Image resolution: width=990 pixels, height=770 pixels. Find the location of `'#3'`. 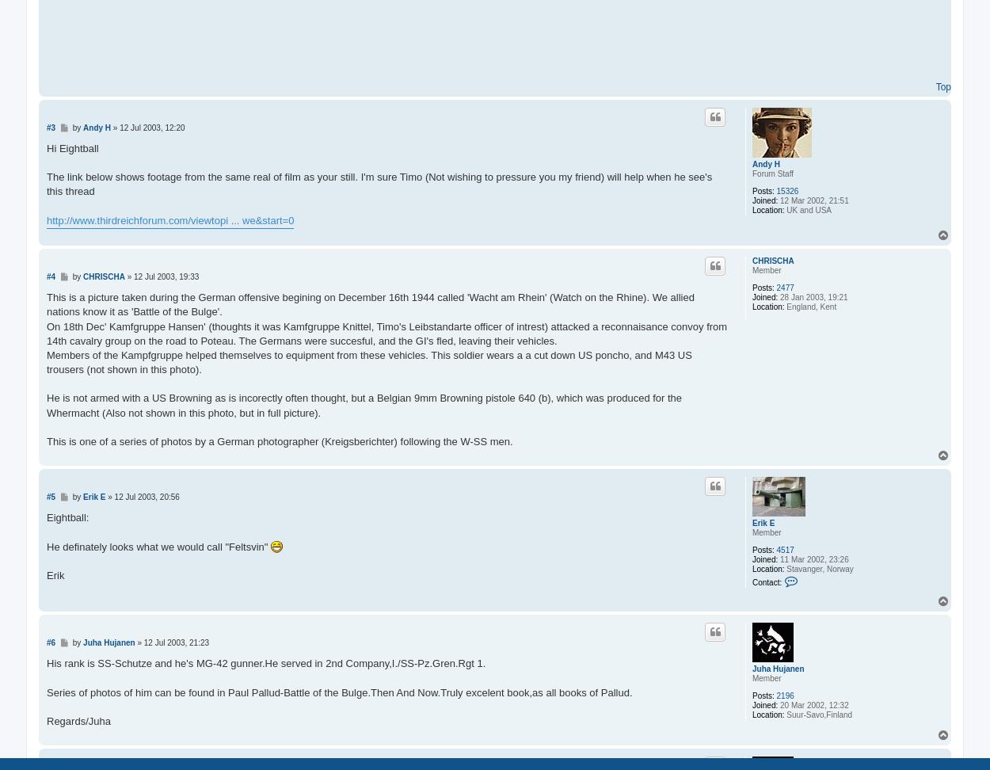

'#3' is located at coordinates (50, 127).